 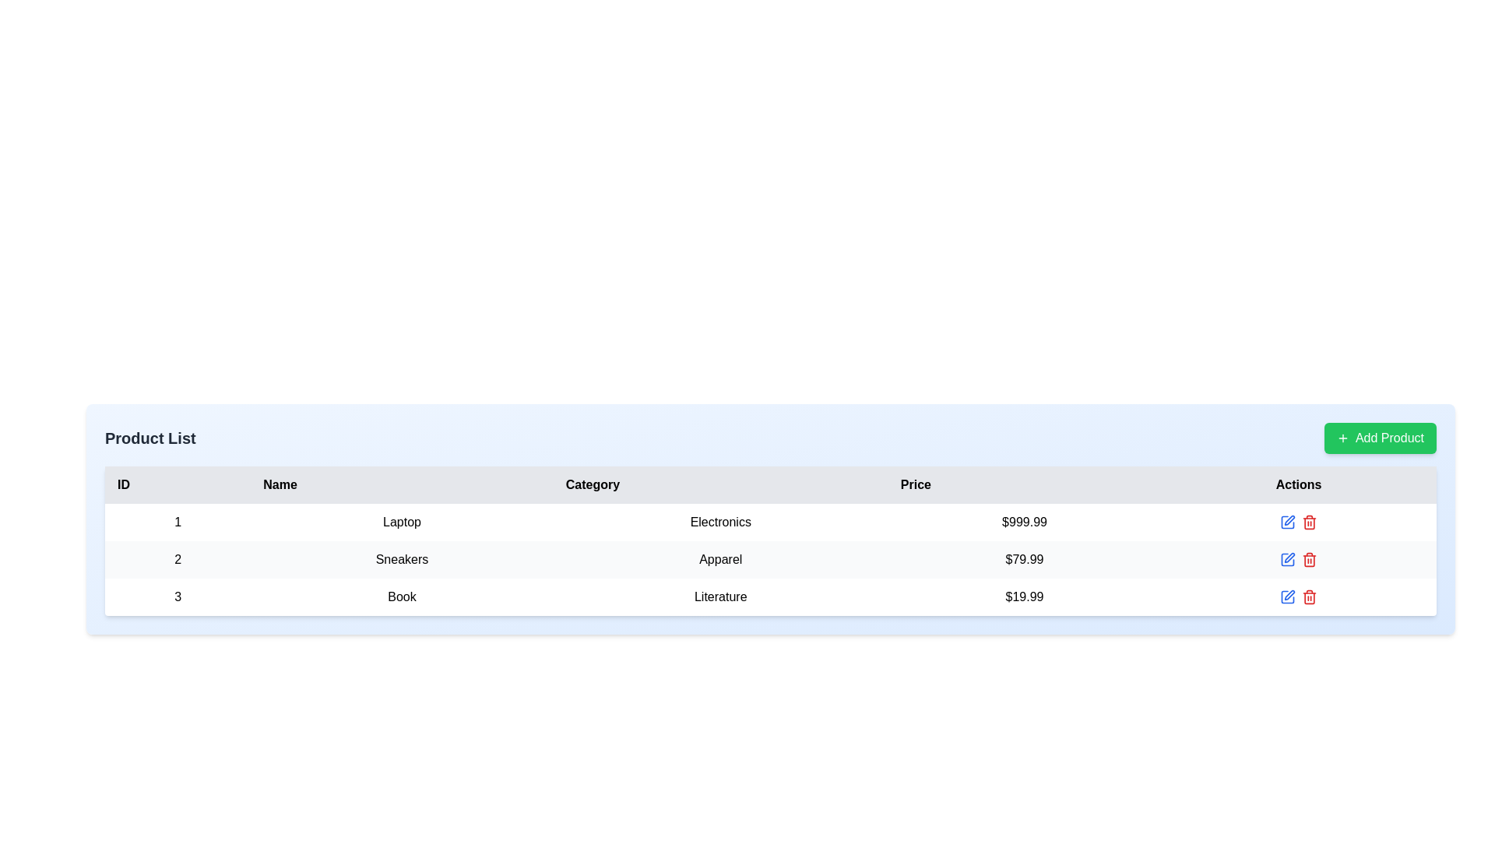 What do you see at coordinates (1288, 558) in the screenshot?
I see `the Edit icon, which is a square icon with a stylized pen design, located in the Actions column of the second row for the item labeled 'Sneakers', to initiate editing of the associated row` at bounding box center [1288, 558].